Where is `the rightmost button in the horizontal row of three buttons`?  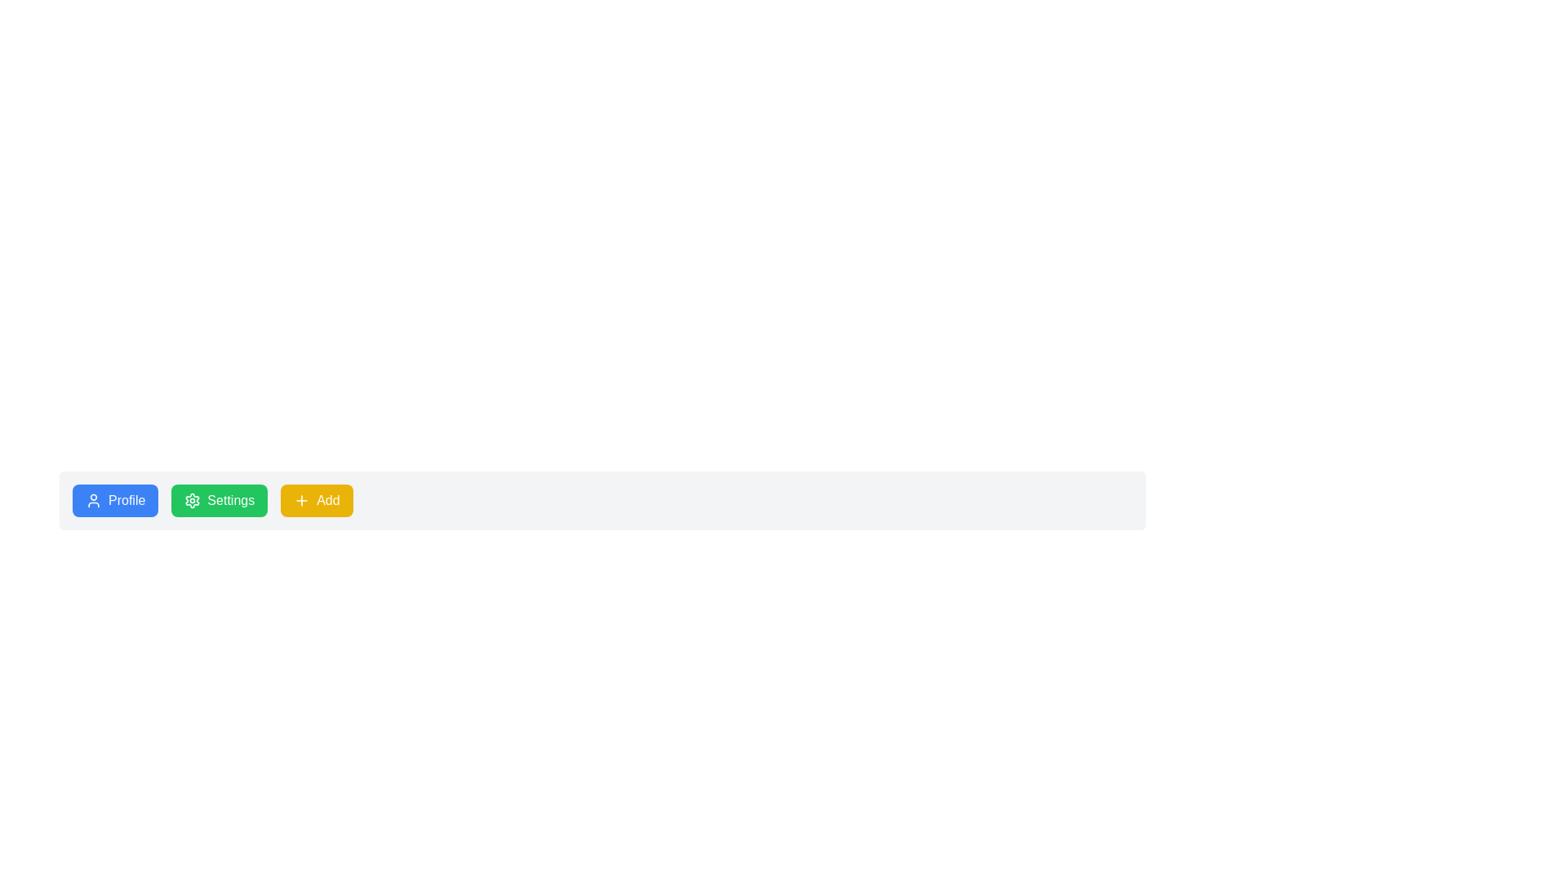 the rightmost button in the horizontal row of three buttons is located at coordinates (317, 499).